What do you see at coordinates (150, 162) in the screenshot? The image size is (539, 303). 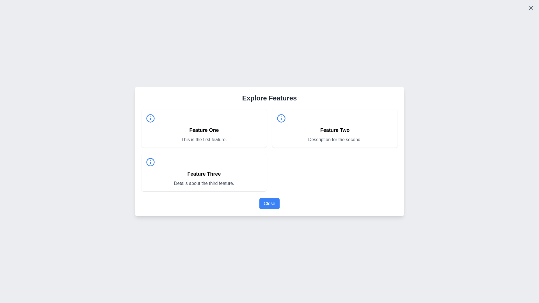 I see `the informational icon related to 'Feature Three' positioned at the left side of the box labeled 'Feature Three'` at bounding box center [150, 162].